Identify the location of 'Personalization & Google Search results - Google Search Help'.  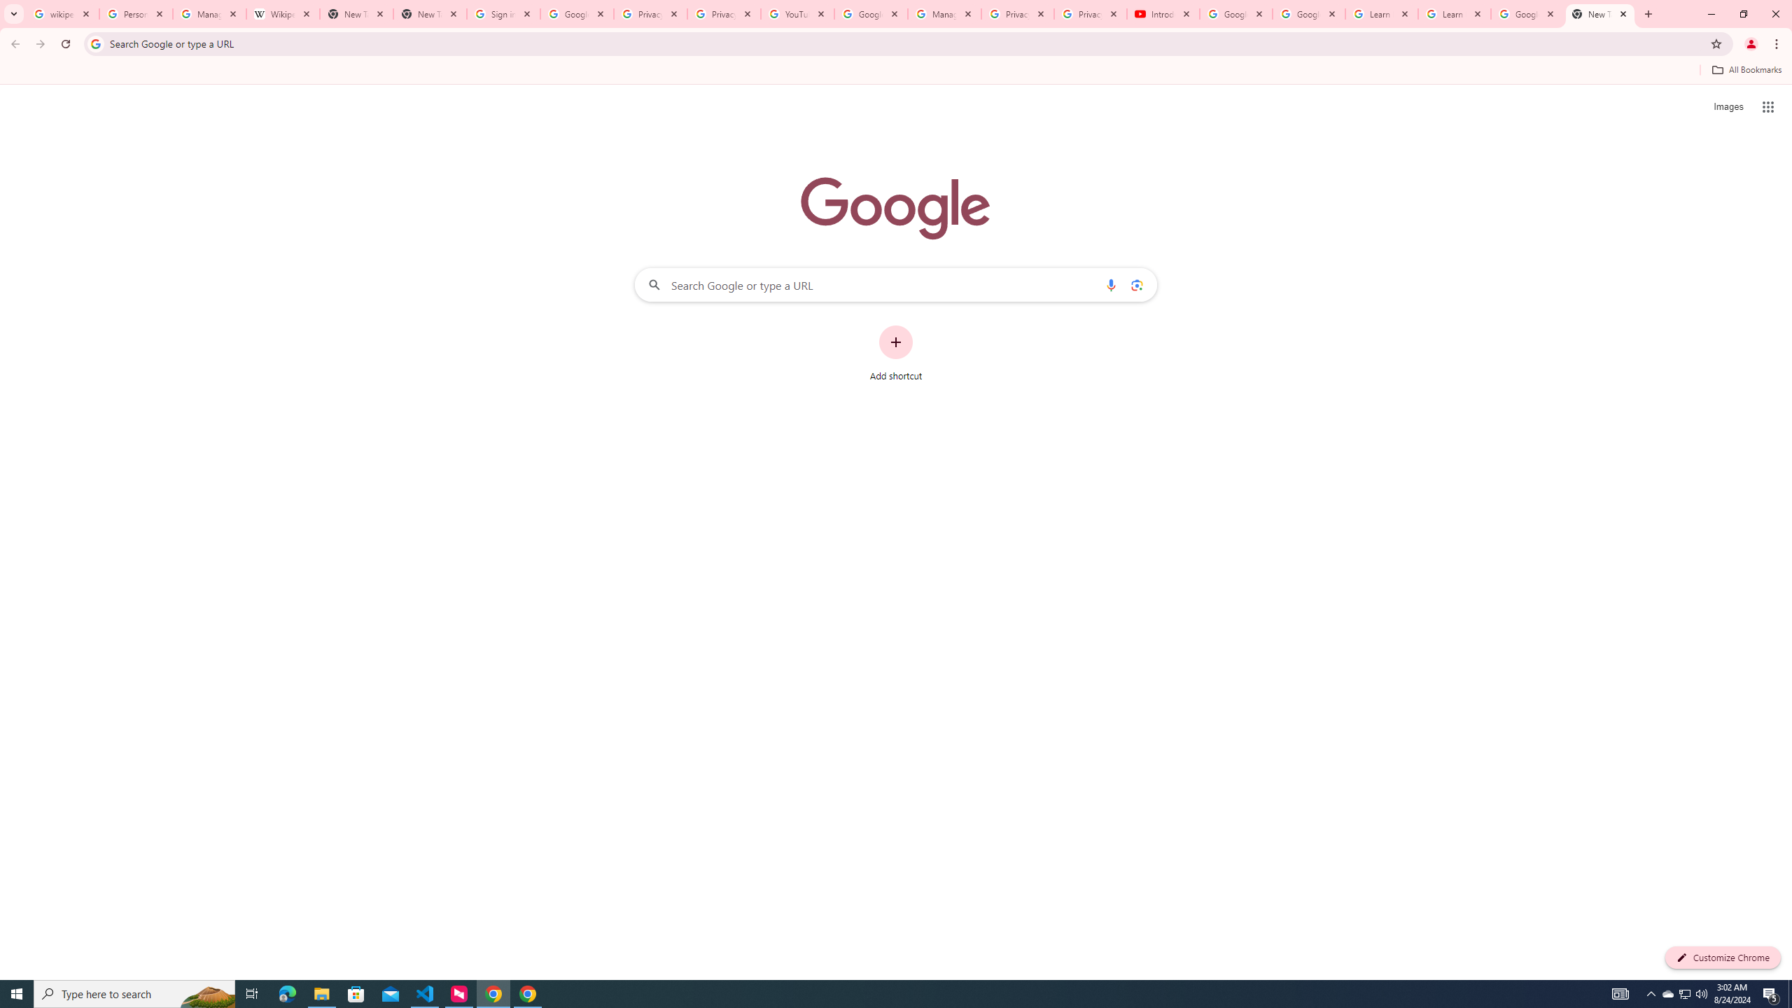
(135, 13).